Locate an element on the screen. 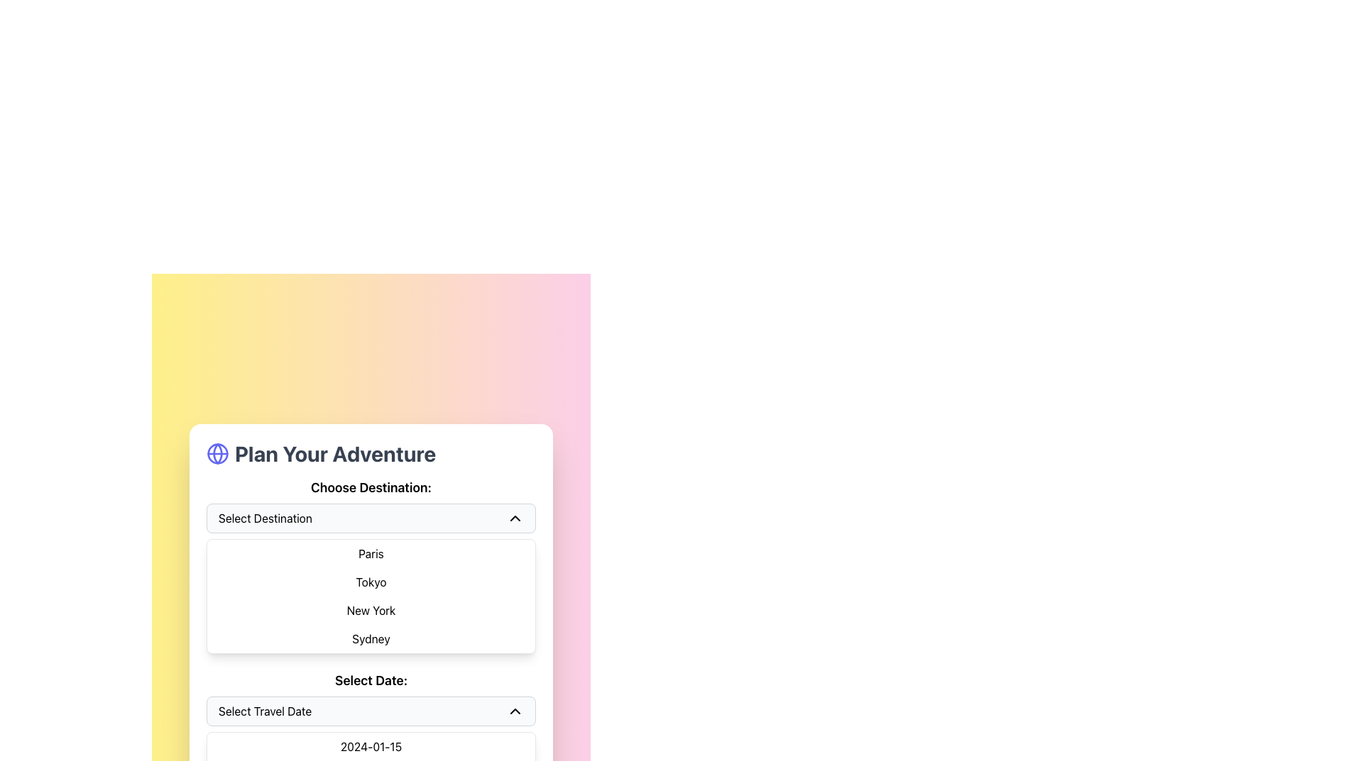  the first selectable date option '2024-01-15' in the date selection interface, which is positioned directly below the 'Select Travel Date' dropdown is located at coordinates (371, 746).